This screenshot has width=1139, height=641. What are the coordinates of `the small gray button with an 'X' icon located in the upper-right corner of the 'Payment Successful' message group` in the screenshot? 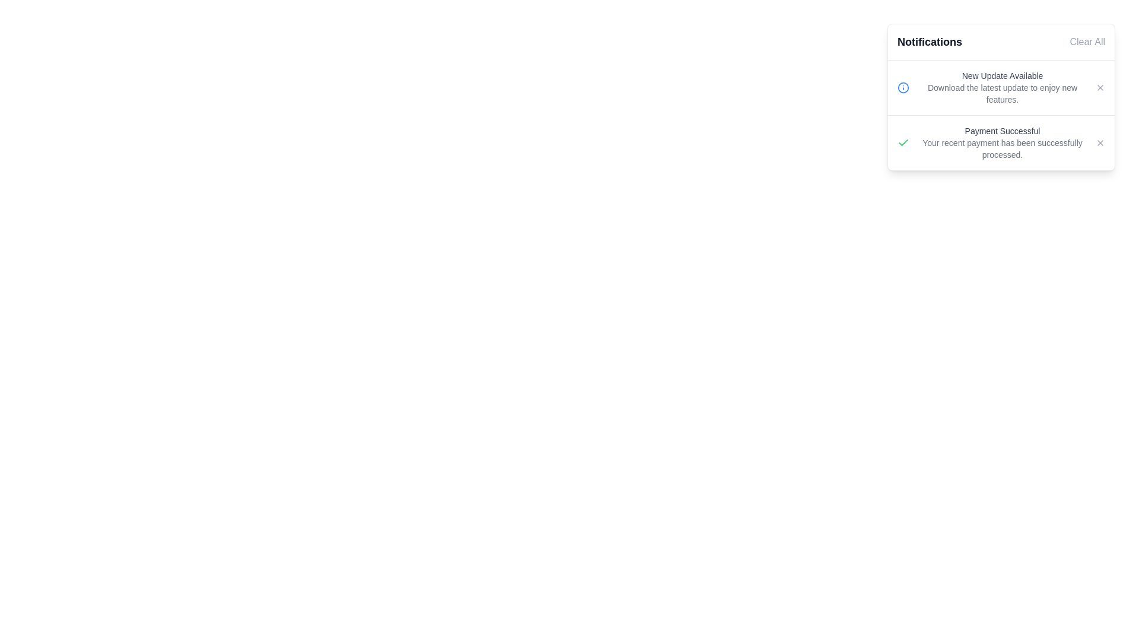 It's located at (1099, 142).